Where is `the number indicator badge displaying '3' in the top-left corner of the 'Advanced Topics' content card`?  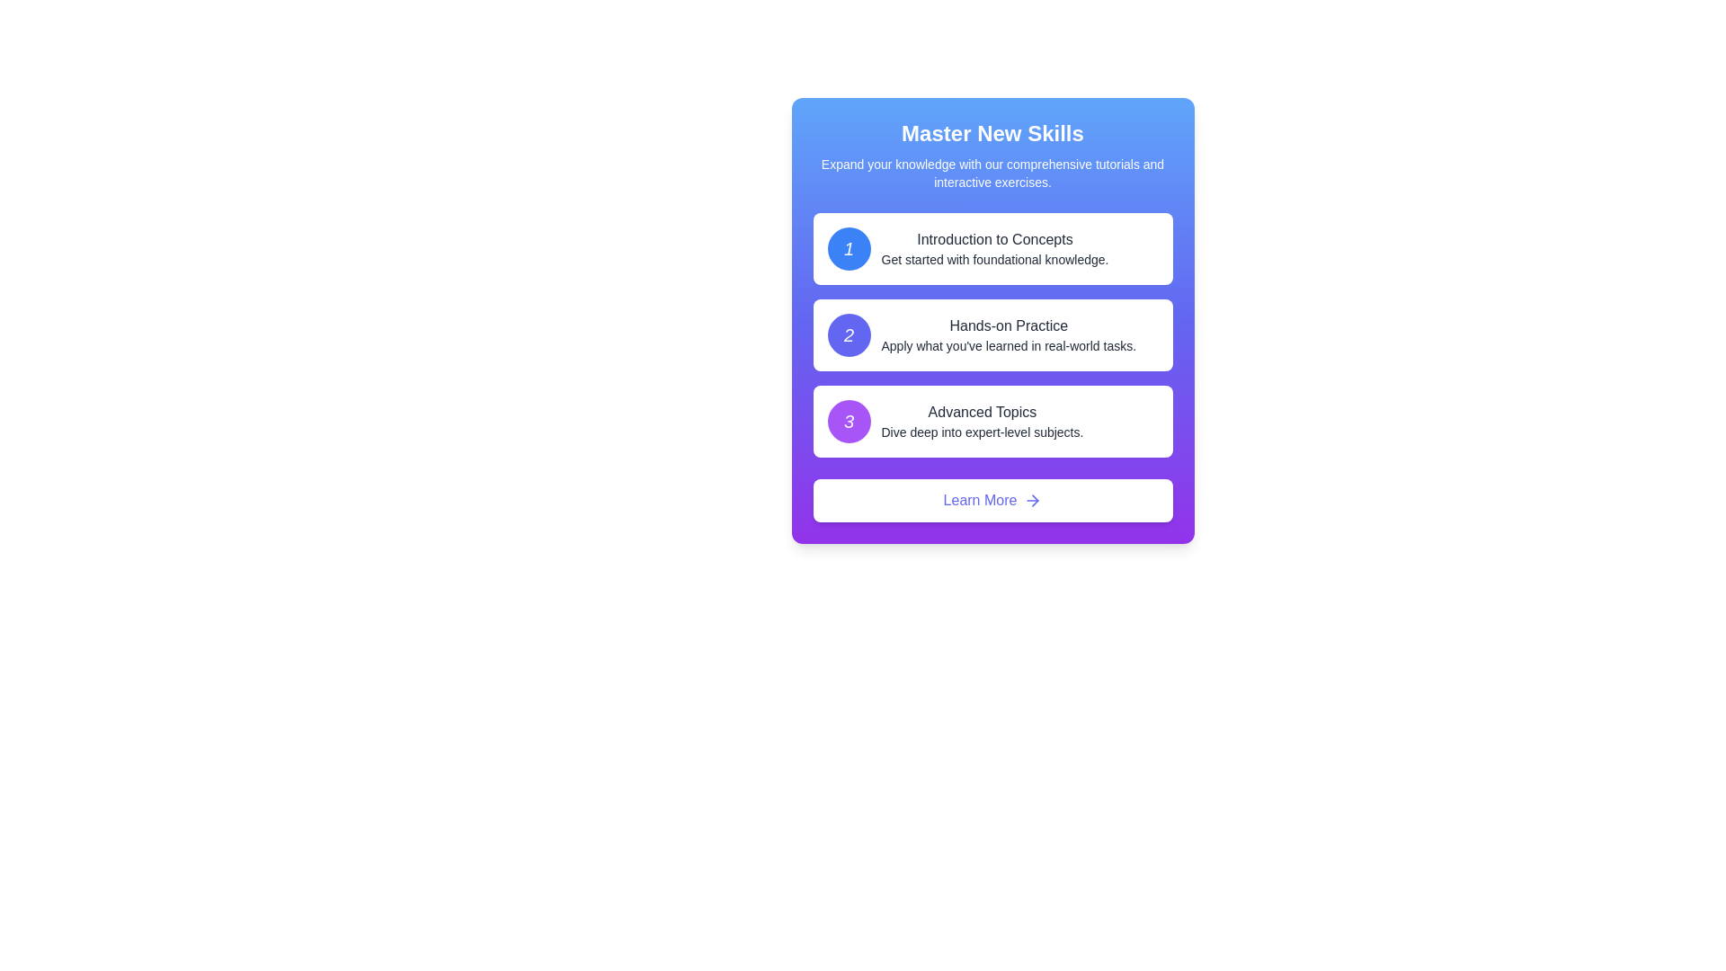 the number indicator badge displaying '3' in the top-left corner of the 'Advanced Topics' content card is located at coordinates (848, 422).